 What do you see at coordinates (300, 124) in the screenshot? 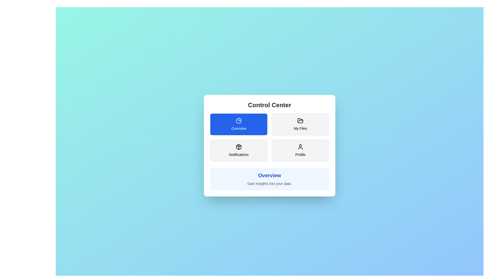
I see `the button corresponding to the section My Files` at bounding box center [300, 124].